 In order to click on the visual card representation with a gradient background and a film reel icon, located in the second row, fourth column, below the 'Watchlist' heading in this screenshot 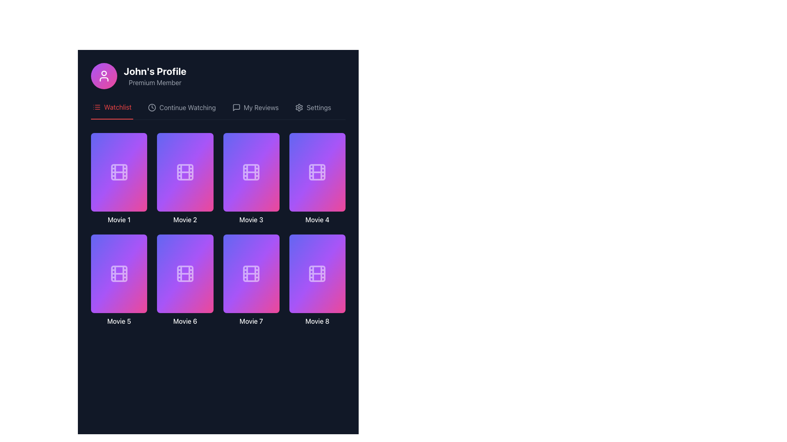, I will do `click(317, 273)`.